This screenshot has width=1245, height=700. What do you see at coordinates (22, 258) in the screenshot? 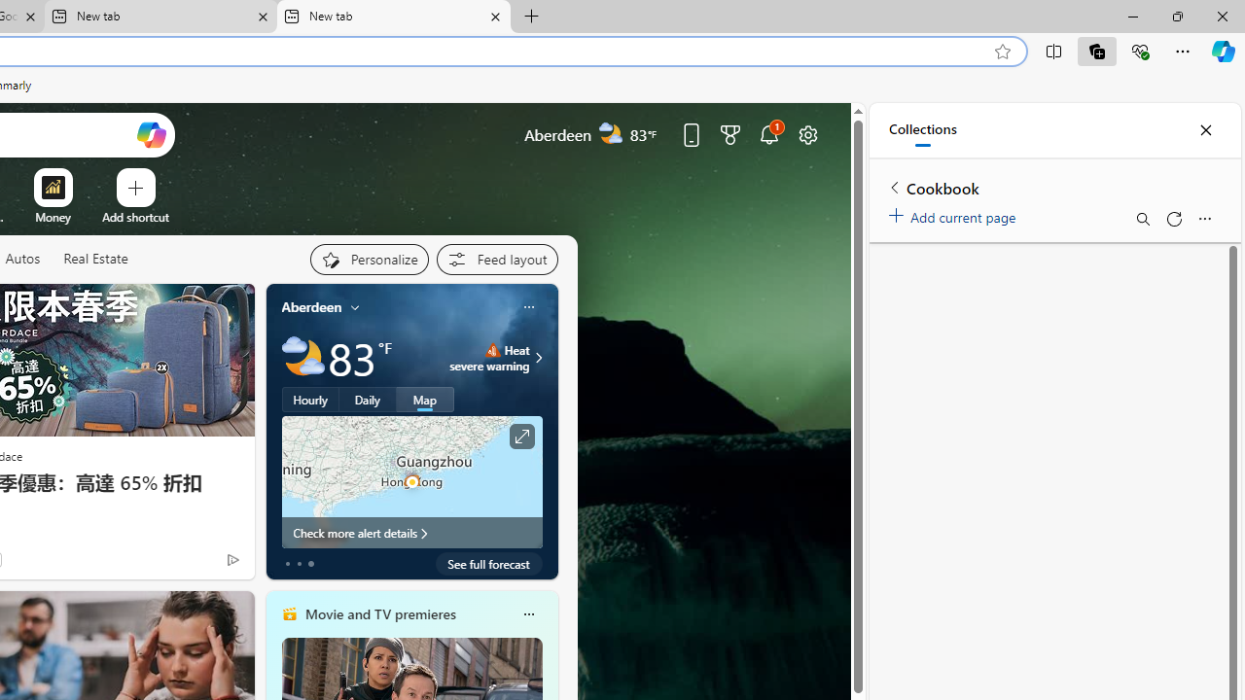
I see `'Autos'` at bounding box center [22, 258].